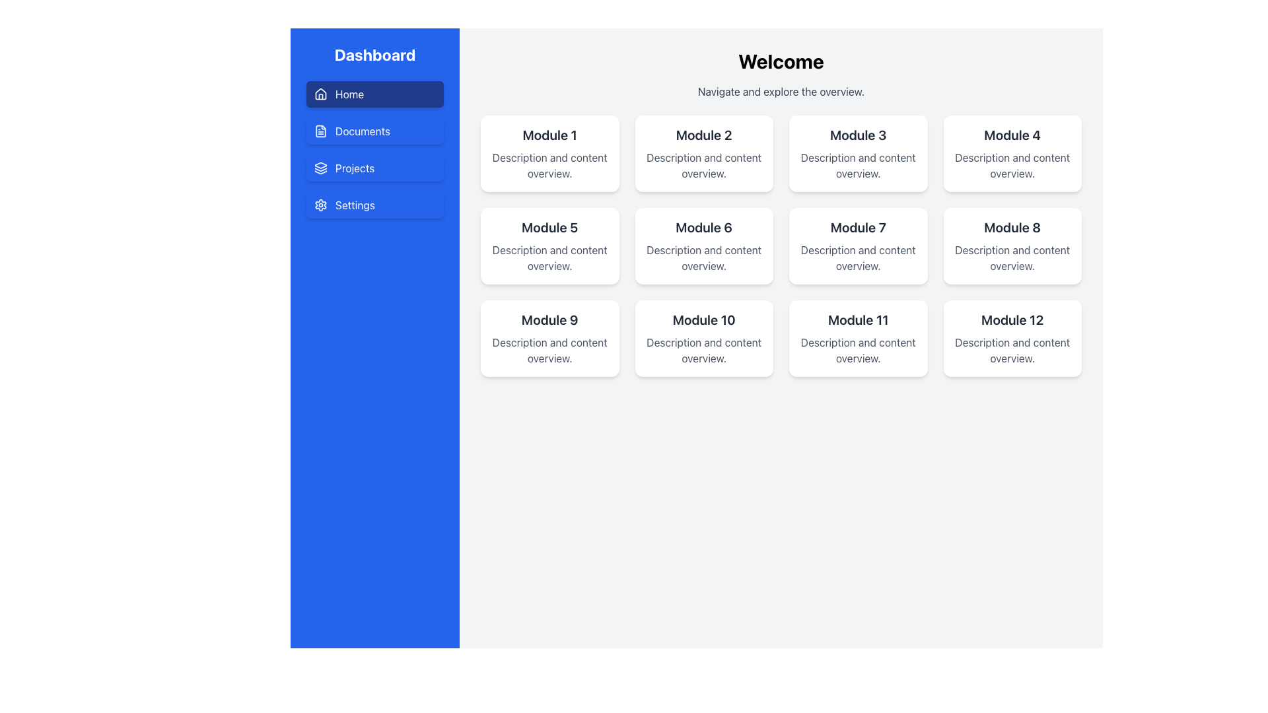  Describe the element at coordinates (549, 153) in the screenshot. I see `the first module overview card located in the top-left corner of the grid, directly under the 'Welcome' title and to the right of the blue sidebar navigation menu` at that location.